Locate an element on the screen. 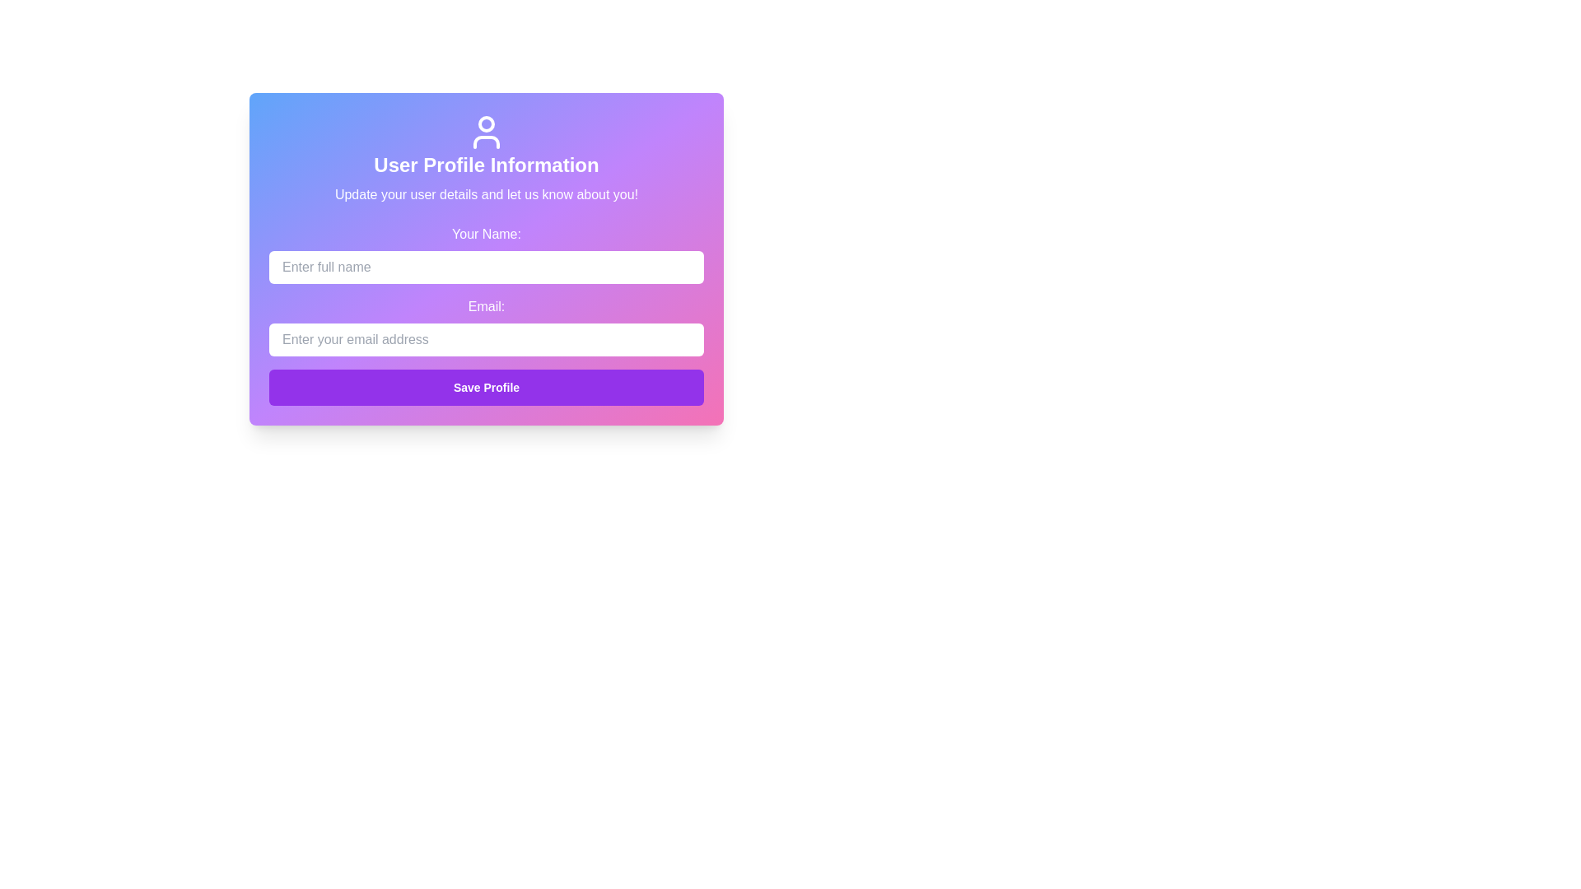  the A labeled text input field to focus, which is positioned above the 'Email:' section in the user profile form is located at coordinates (485, 254).